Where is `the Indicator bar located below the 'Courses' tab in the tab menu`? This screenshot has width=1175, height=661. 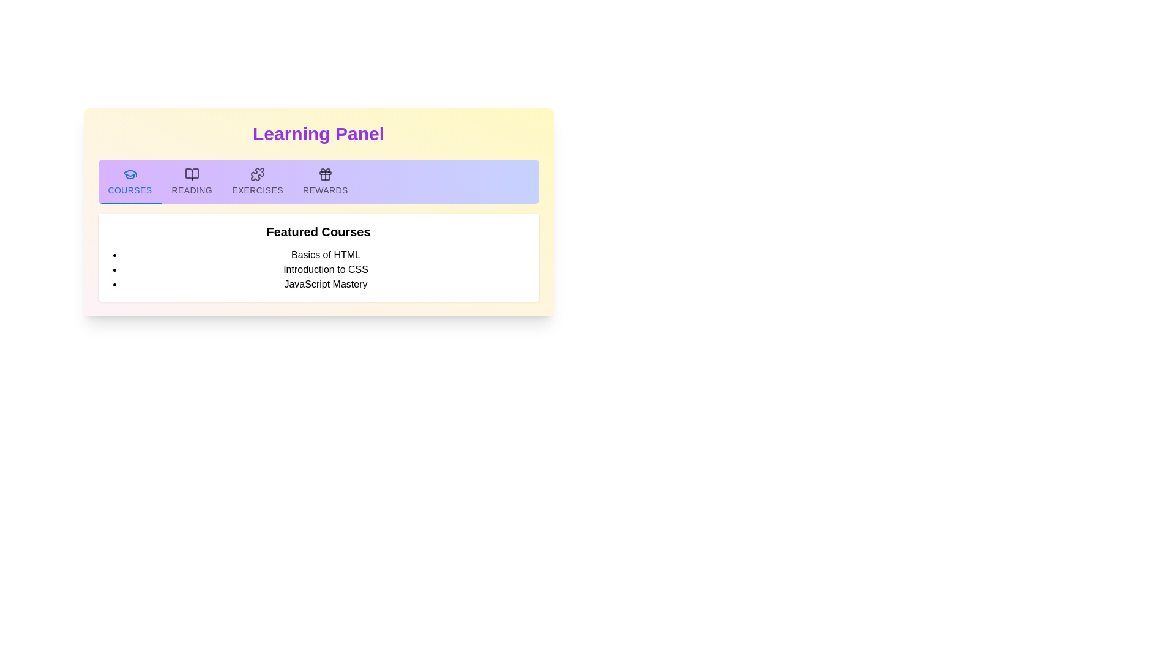 the Indicator bar located below the 'Courses' tab in the tab menu is located at coordinates (130, 202).